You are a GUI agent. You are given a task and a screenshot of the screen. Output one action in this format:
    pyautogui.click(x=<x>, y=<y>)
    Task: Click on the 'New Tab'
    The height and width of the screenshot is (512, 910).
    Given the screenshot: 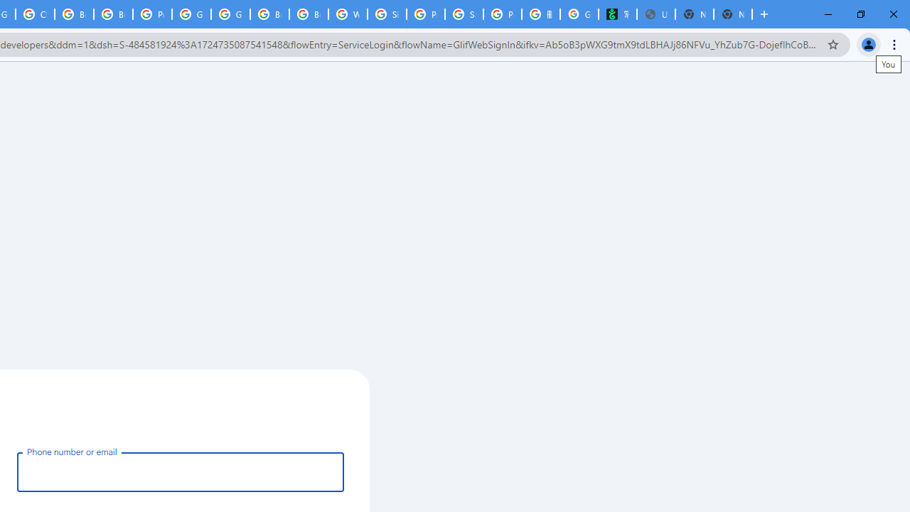 What is the action you would take?
    pyautogui.click(x=733, y=14)
    